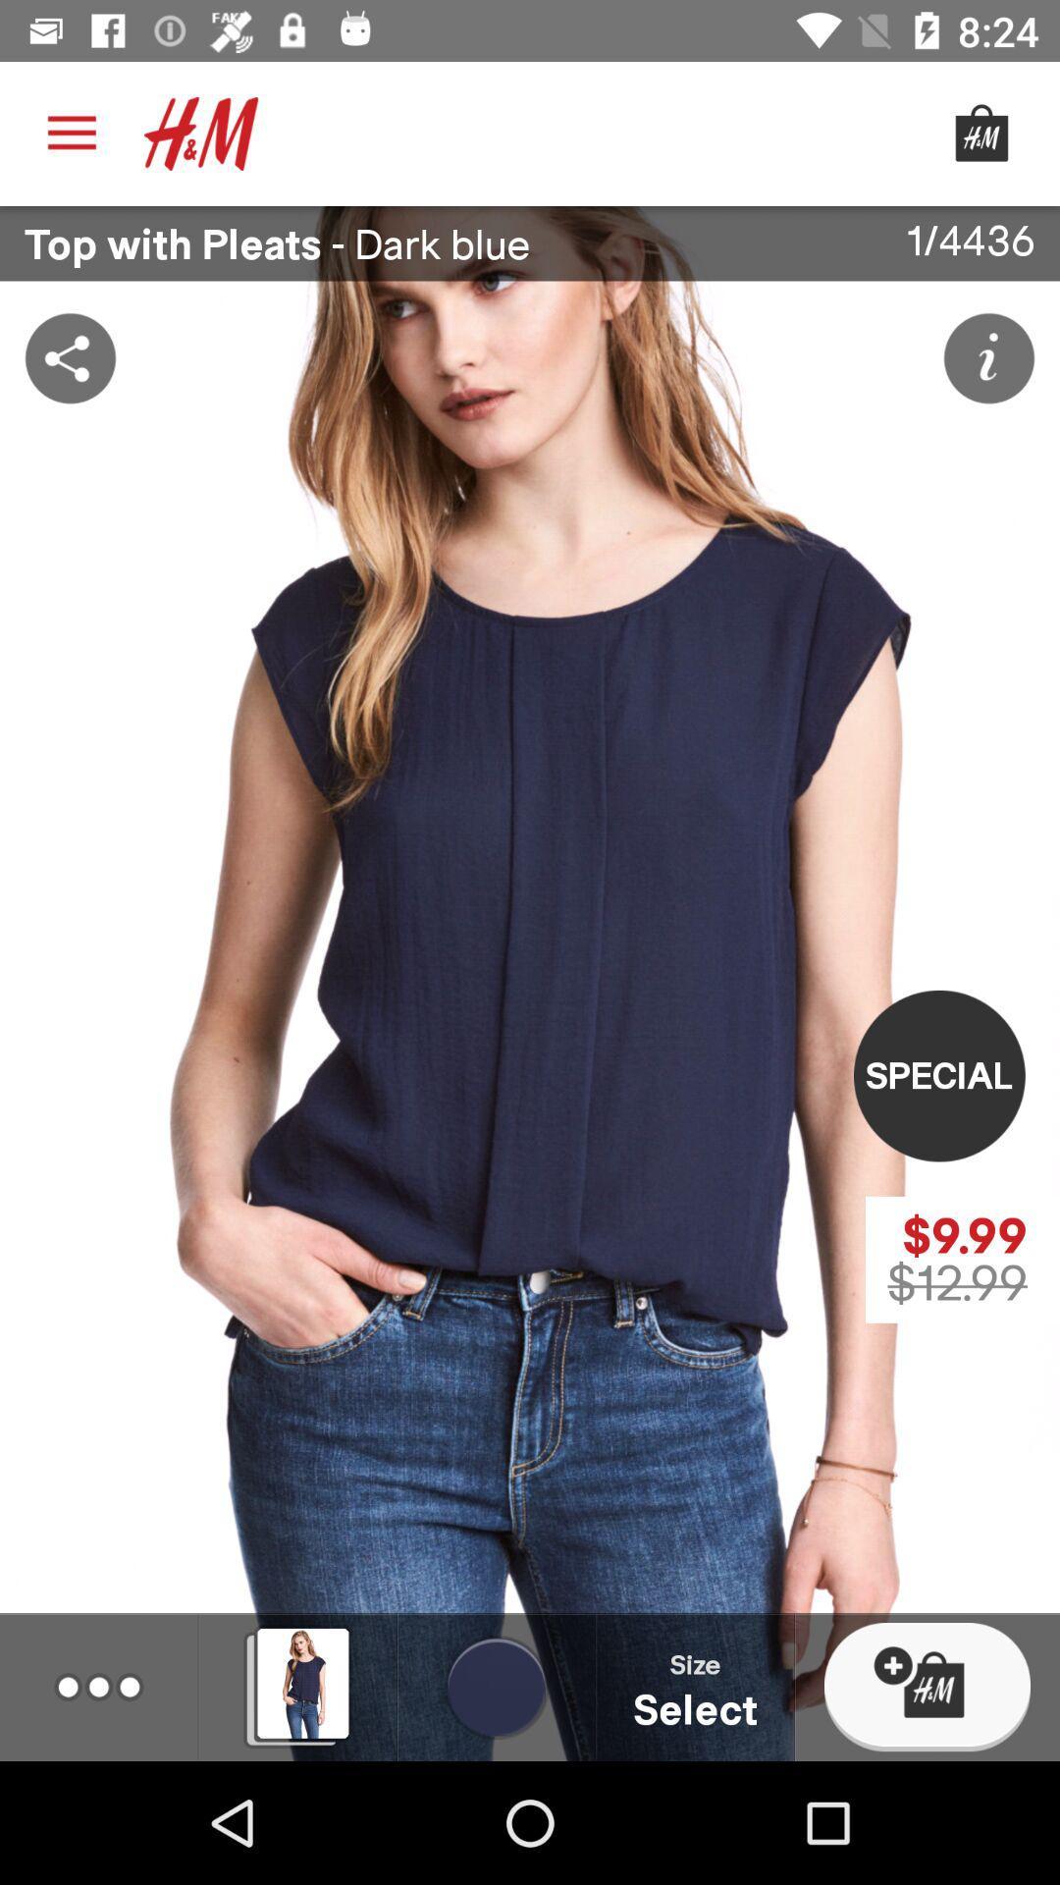 Image resolution: width=1060 pixels, height=1885 pixels. I want to click on the share icon, so click(70, 358).